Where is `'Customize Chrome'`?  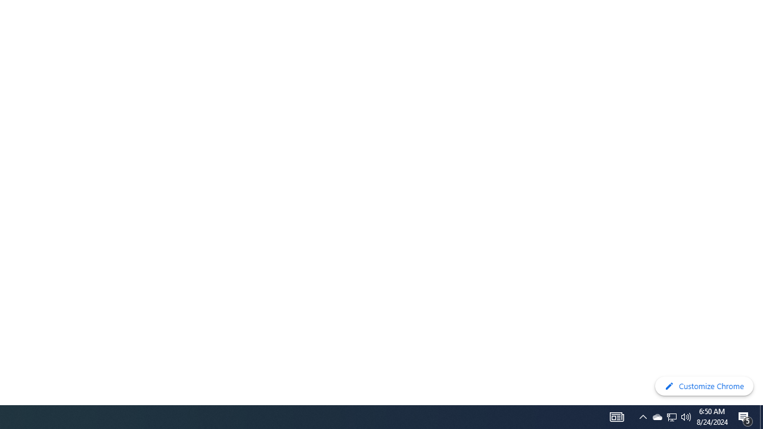
'Customize Chrome' is located at coordinates (704, 386).